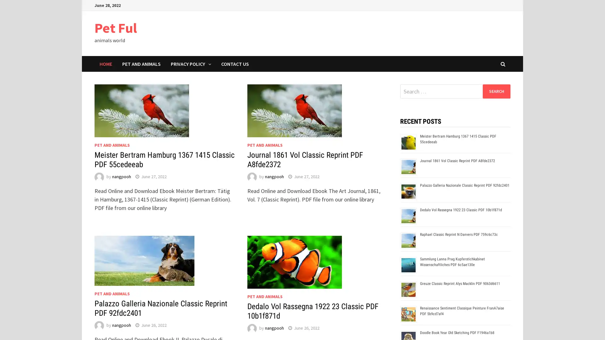  I want to click on Search, so click(496, 91).